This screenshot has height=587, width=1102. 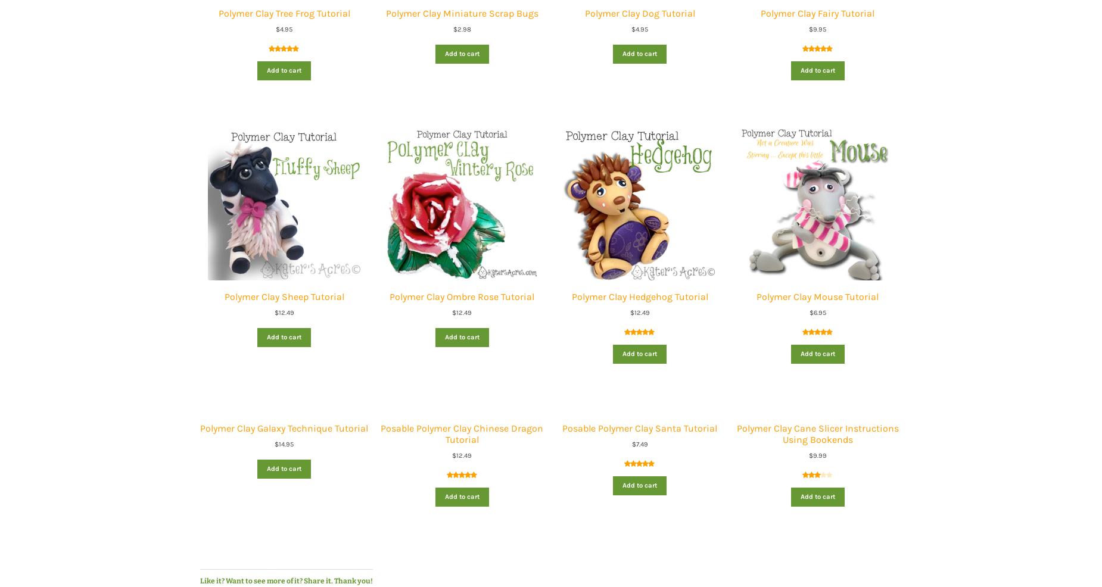 I want to click on '14.95', so click(x=279, y=444).